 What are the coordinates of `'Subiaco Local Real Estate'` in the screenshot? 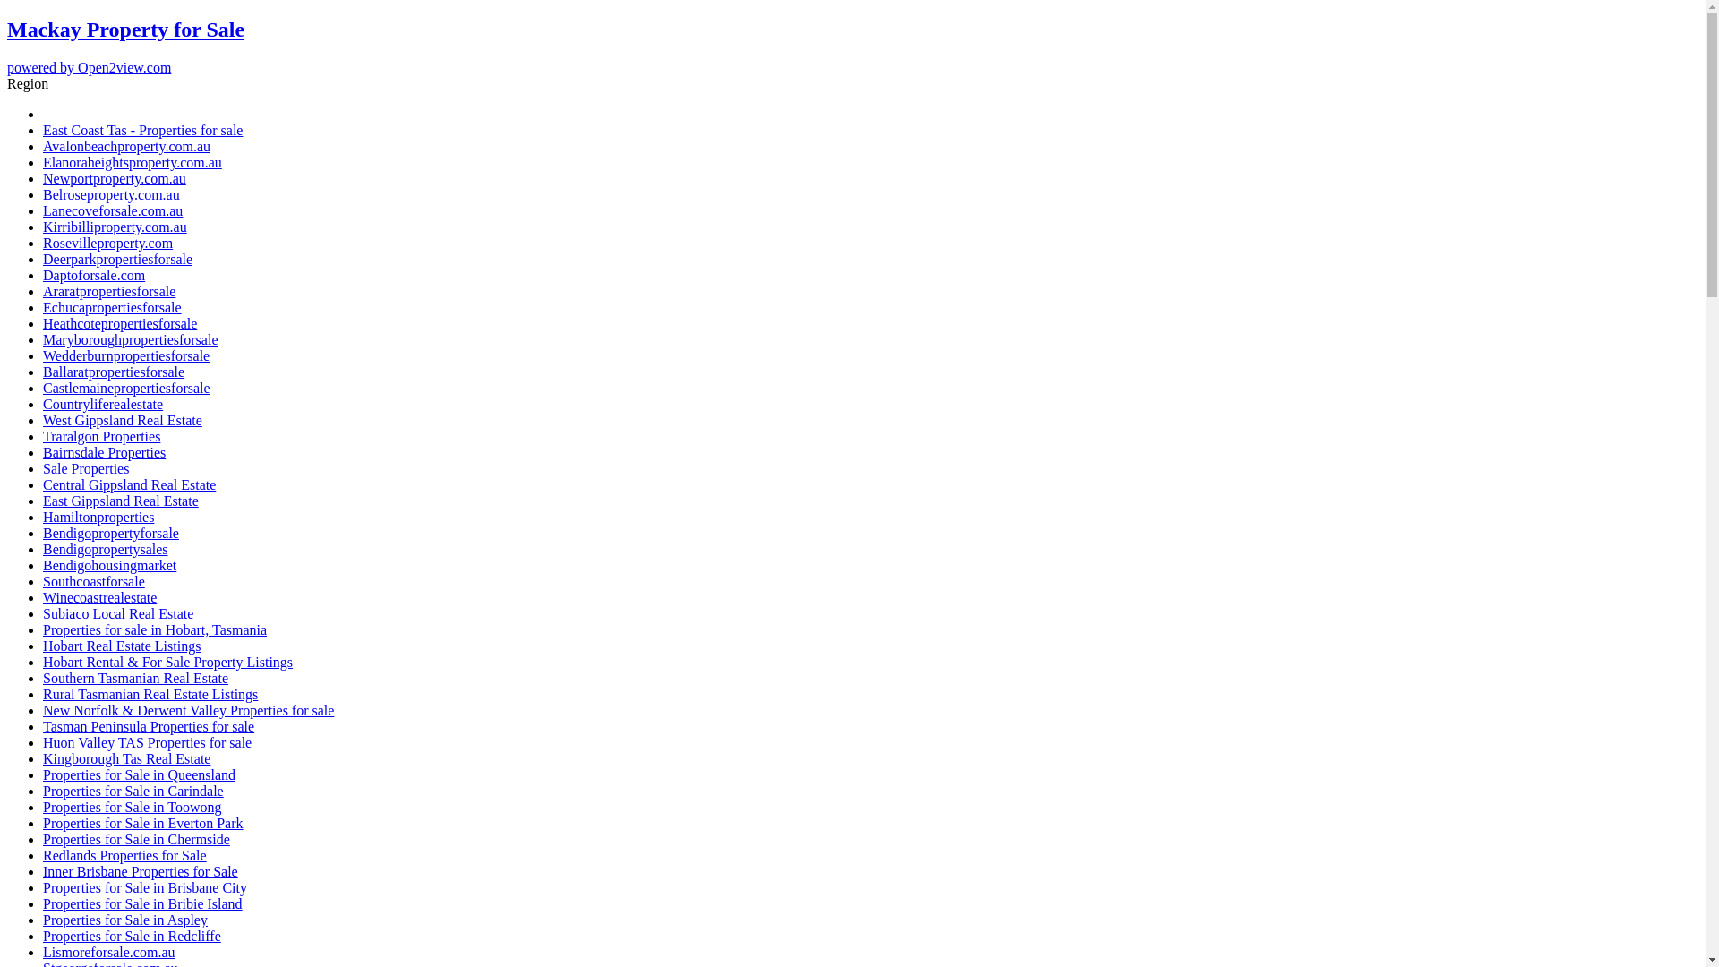 It's located at (117, 612).